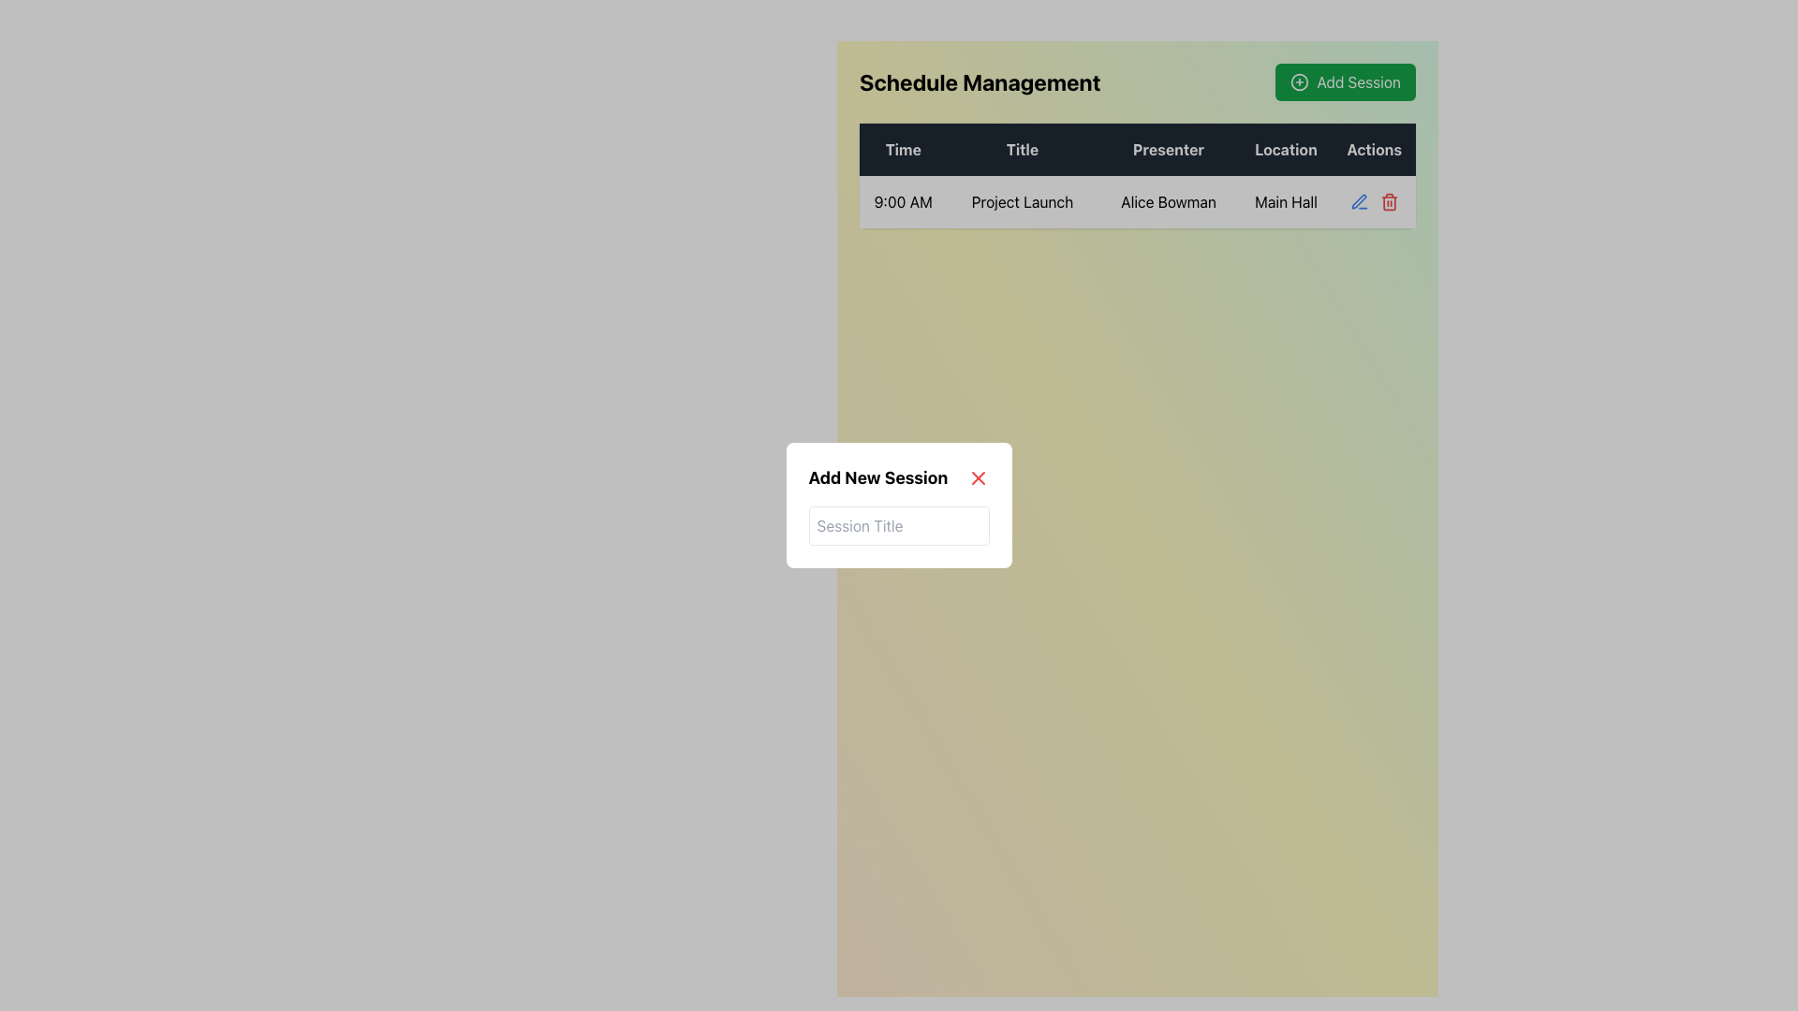 The height and width of the screenshot is (1011, 1798). I want to click on the red trash bin icon in the 'Actions' column of the table row, so click(1374, 202).